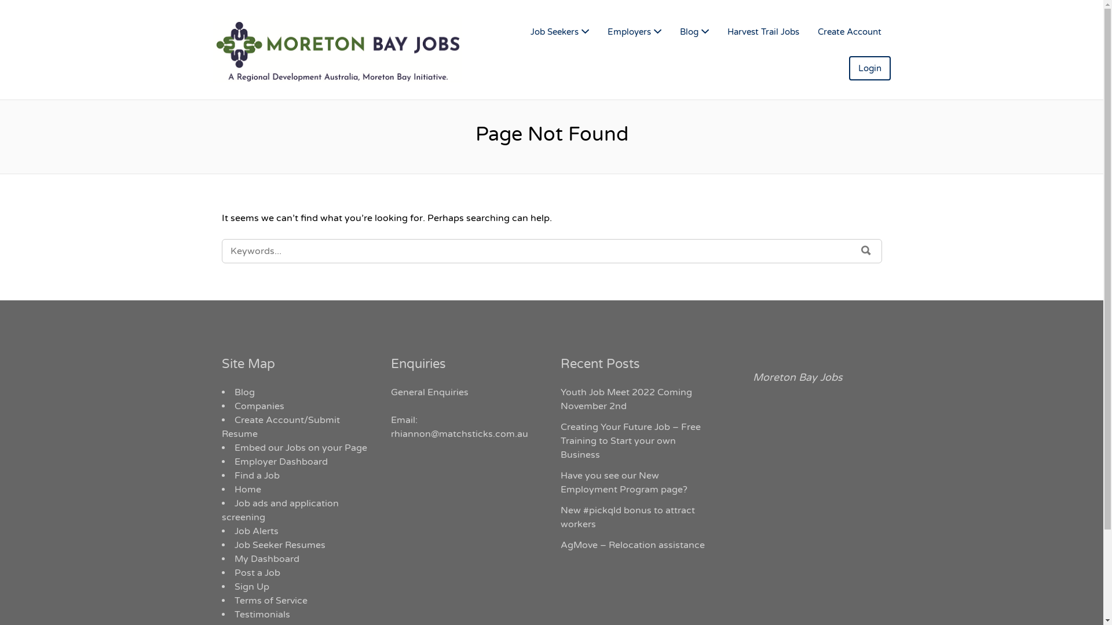 Image resolution: width=1112 pixels, height=625 pixels. What do you see at coordinates (870, 68) in the screenshot?
I see `'Login'` at bounding box center [870, 68].